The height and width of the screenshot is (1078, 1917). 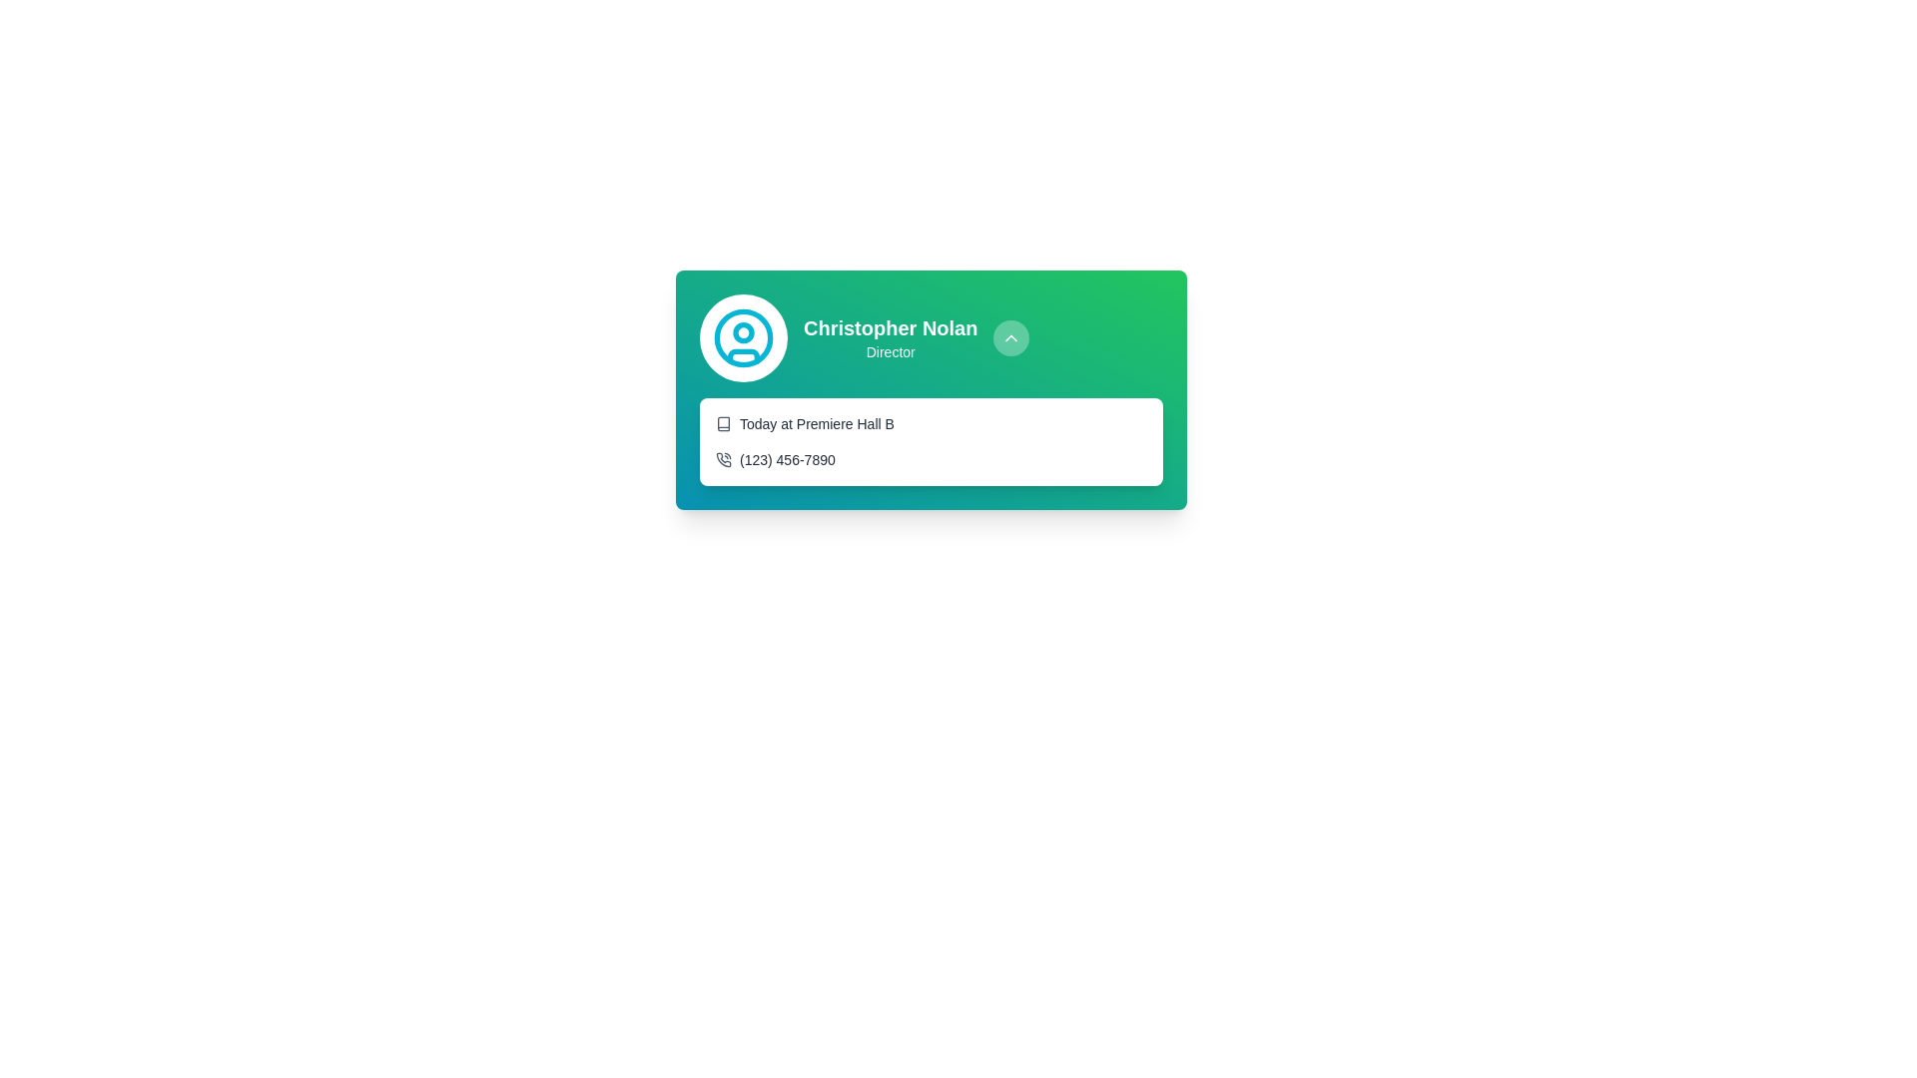 What do you see at coordinates (722, 422) in the screenshot?
I see `the icon located to the far left of the text 'Today at Premiere Hall B'` at bounding box center [722, 422].